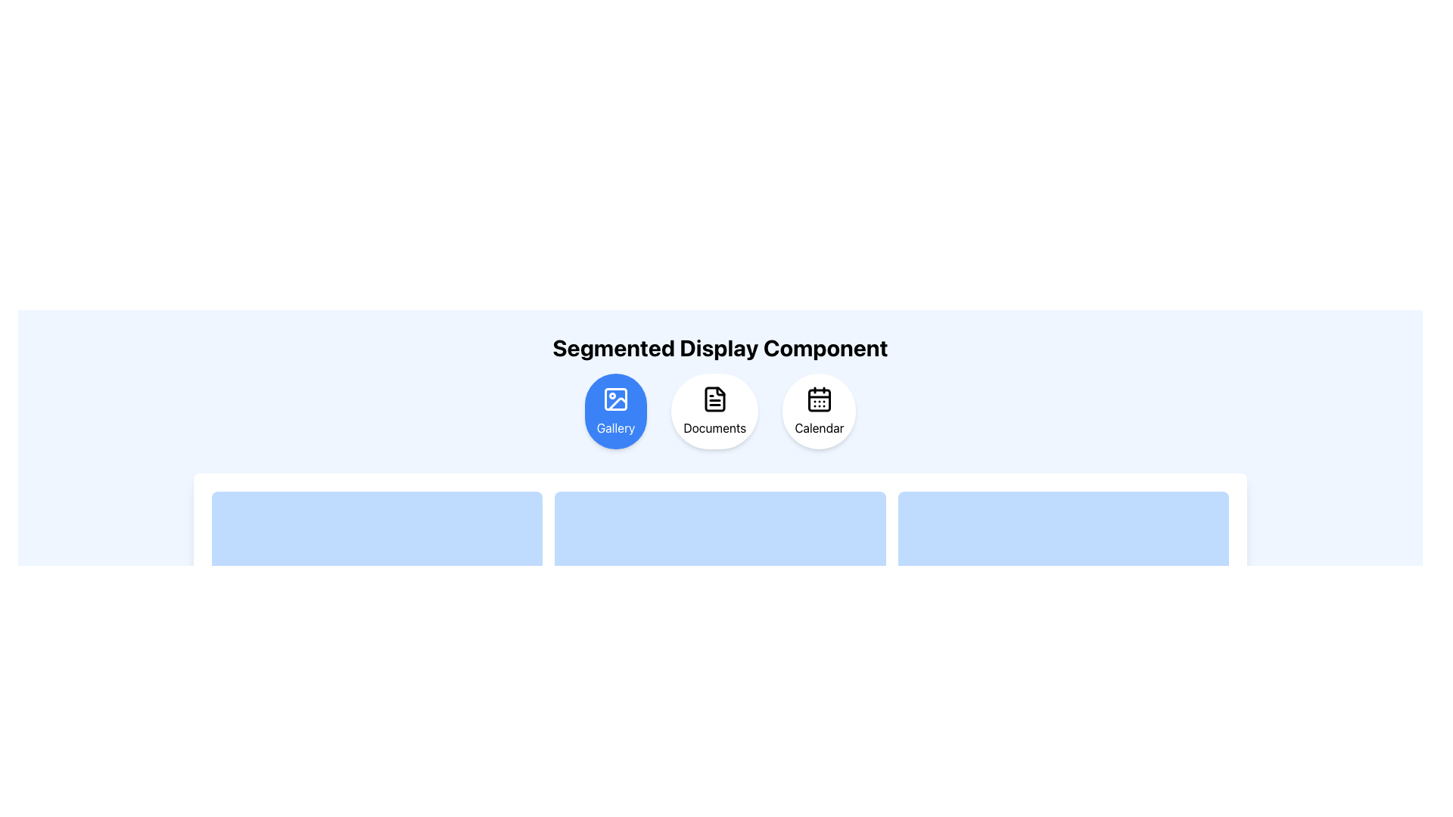 Image resolution: width=1453 pixels, height=817 pixels. Describe the element at coordinates (818, 399) in the screenshot. I see `the 'Calendar' icon within the segmented selection component` at that location.